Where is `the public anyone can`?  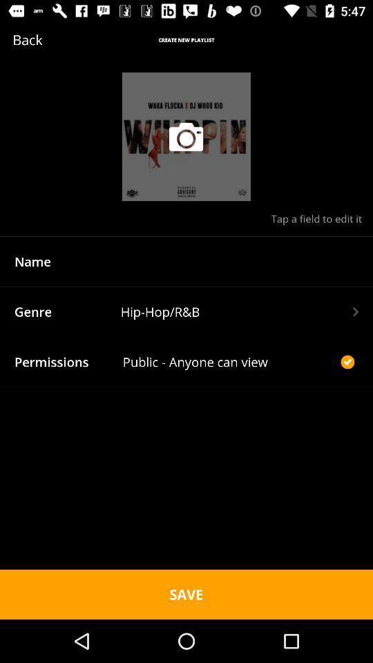 the public anyone can is located at coordinates (229, 361).